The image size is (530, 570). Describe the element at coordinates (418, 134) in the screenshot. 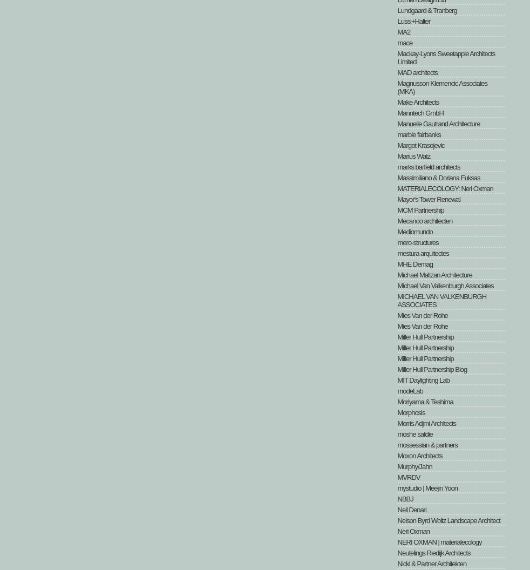

I see `'marble fairbanks'` at that location.